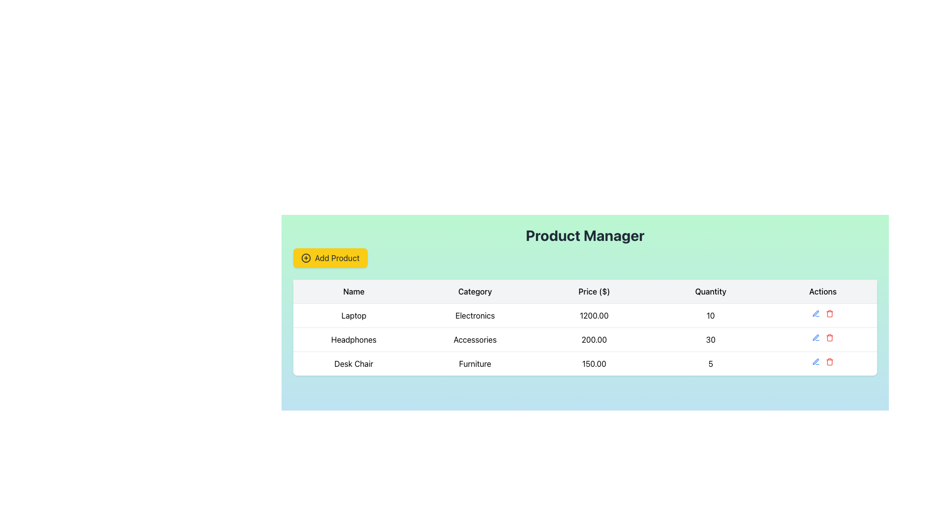  I want to click on the informational label displaying the category of the product 'Headphones' in the second row of the table, so click(475, 339).